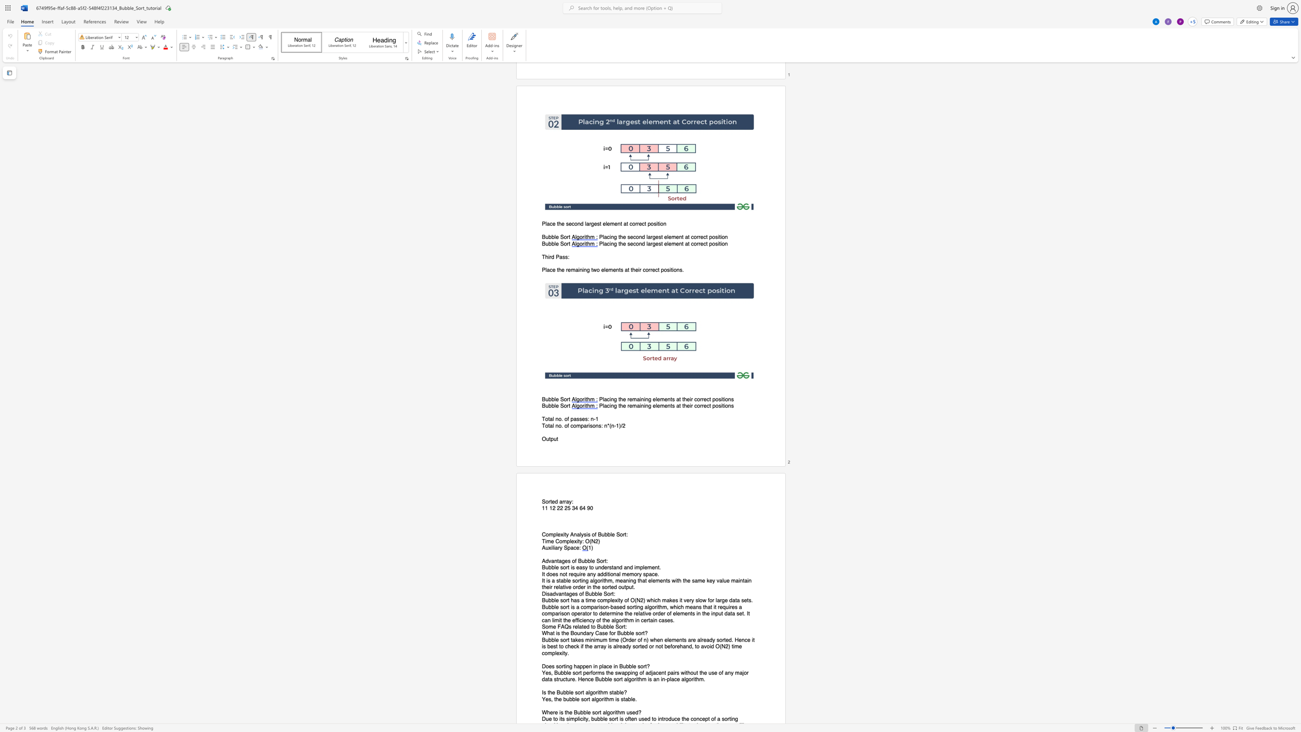  What do you see at coordinates (669, 406) in the screenshot?
I see `the 4th character "n" in the text` at bounding box center [669, 406].